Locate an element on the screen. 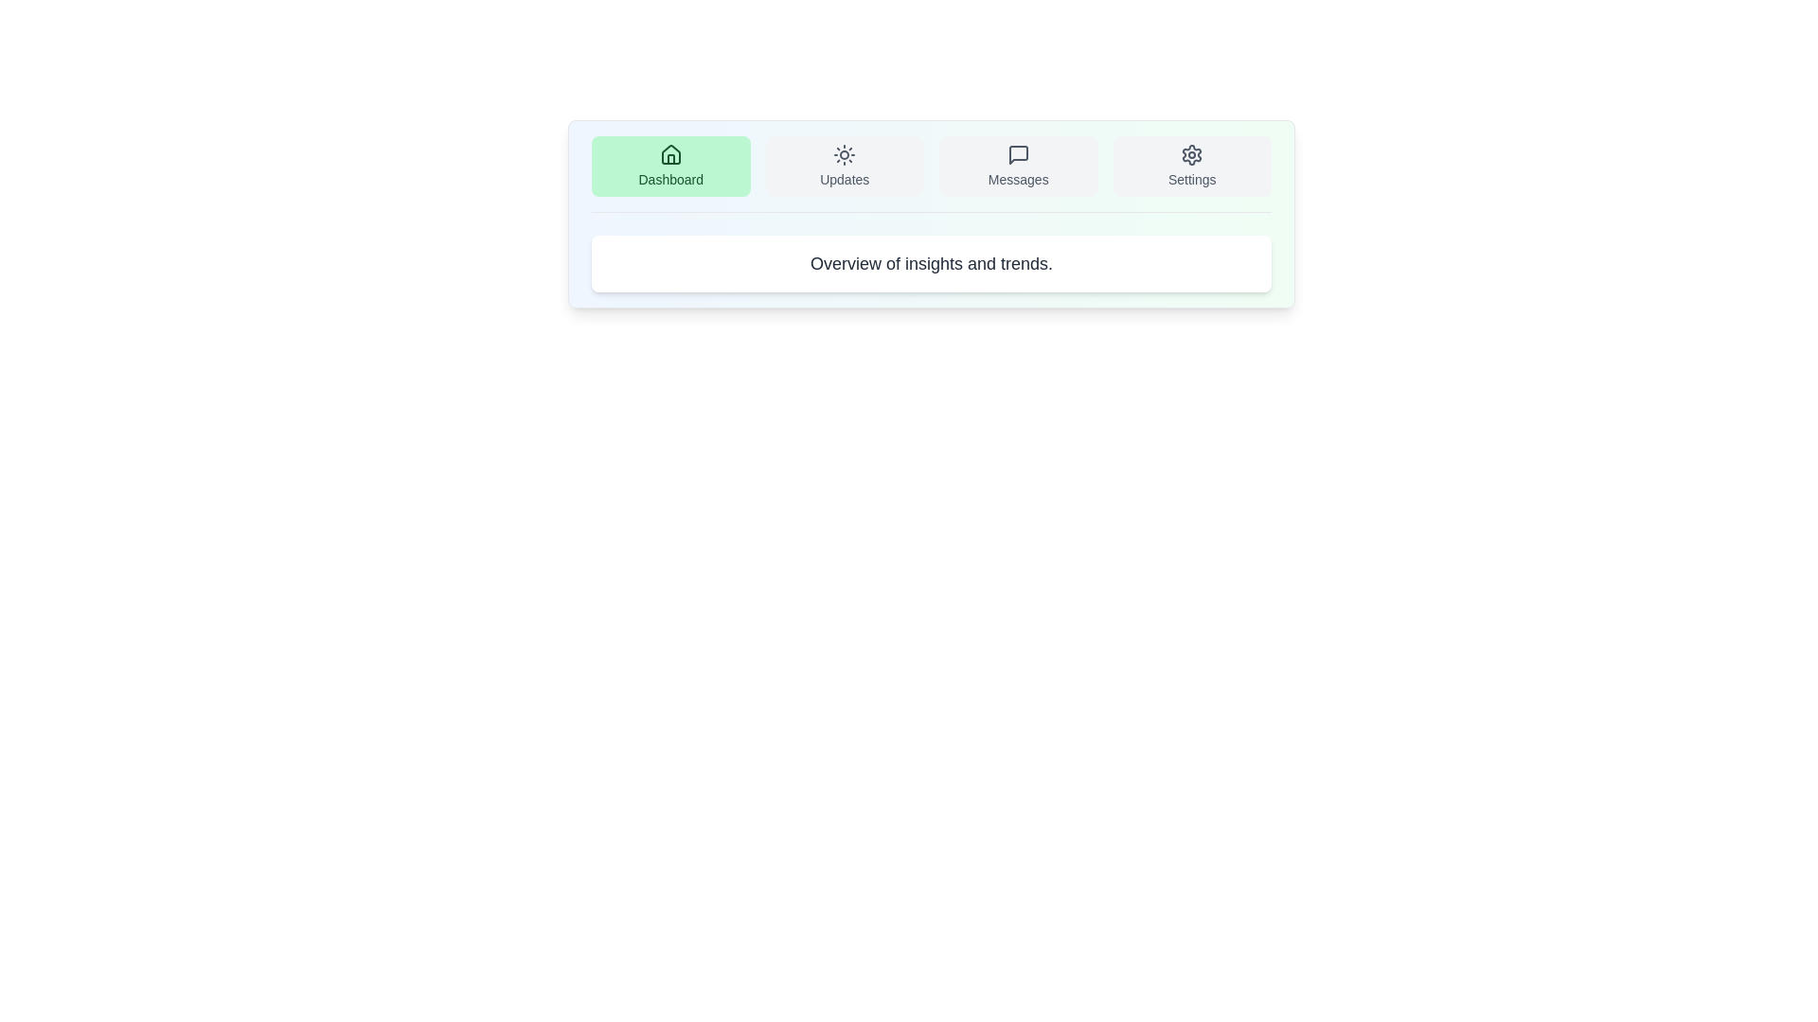 This screenshot has width=1818, height=1022. the tab labeled Updates to observe the hover effect is located at coordinates (844, 166).